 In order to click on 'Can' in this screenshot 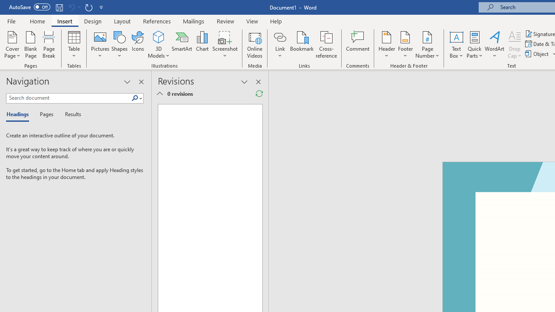, I will do `click(71, 7)`.